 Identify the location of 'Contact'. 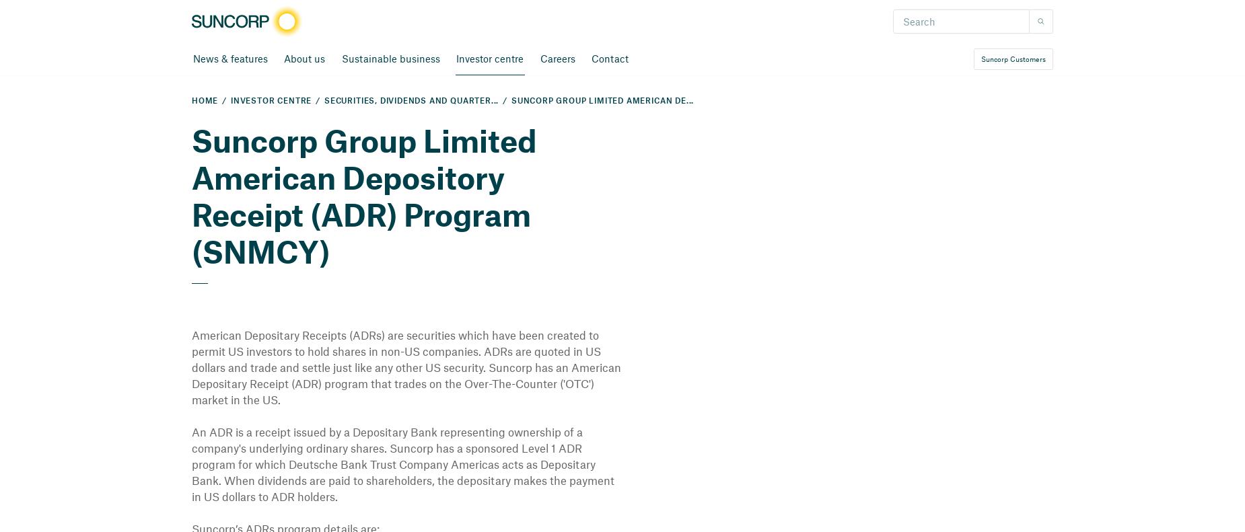
(610, 59).